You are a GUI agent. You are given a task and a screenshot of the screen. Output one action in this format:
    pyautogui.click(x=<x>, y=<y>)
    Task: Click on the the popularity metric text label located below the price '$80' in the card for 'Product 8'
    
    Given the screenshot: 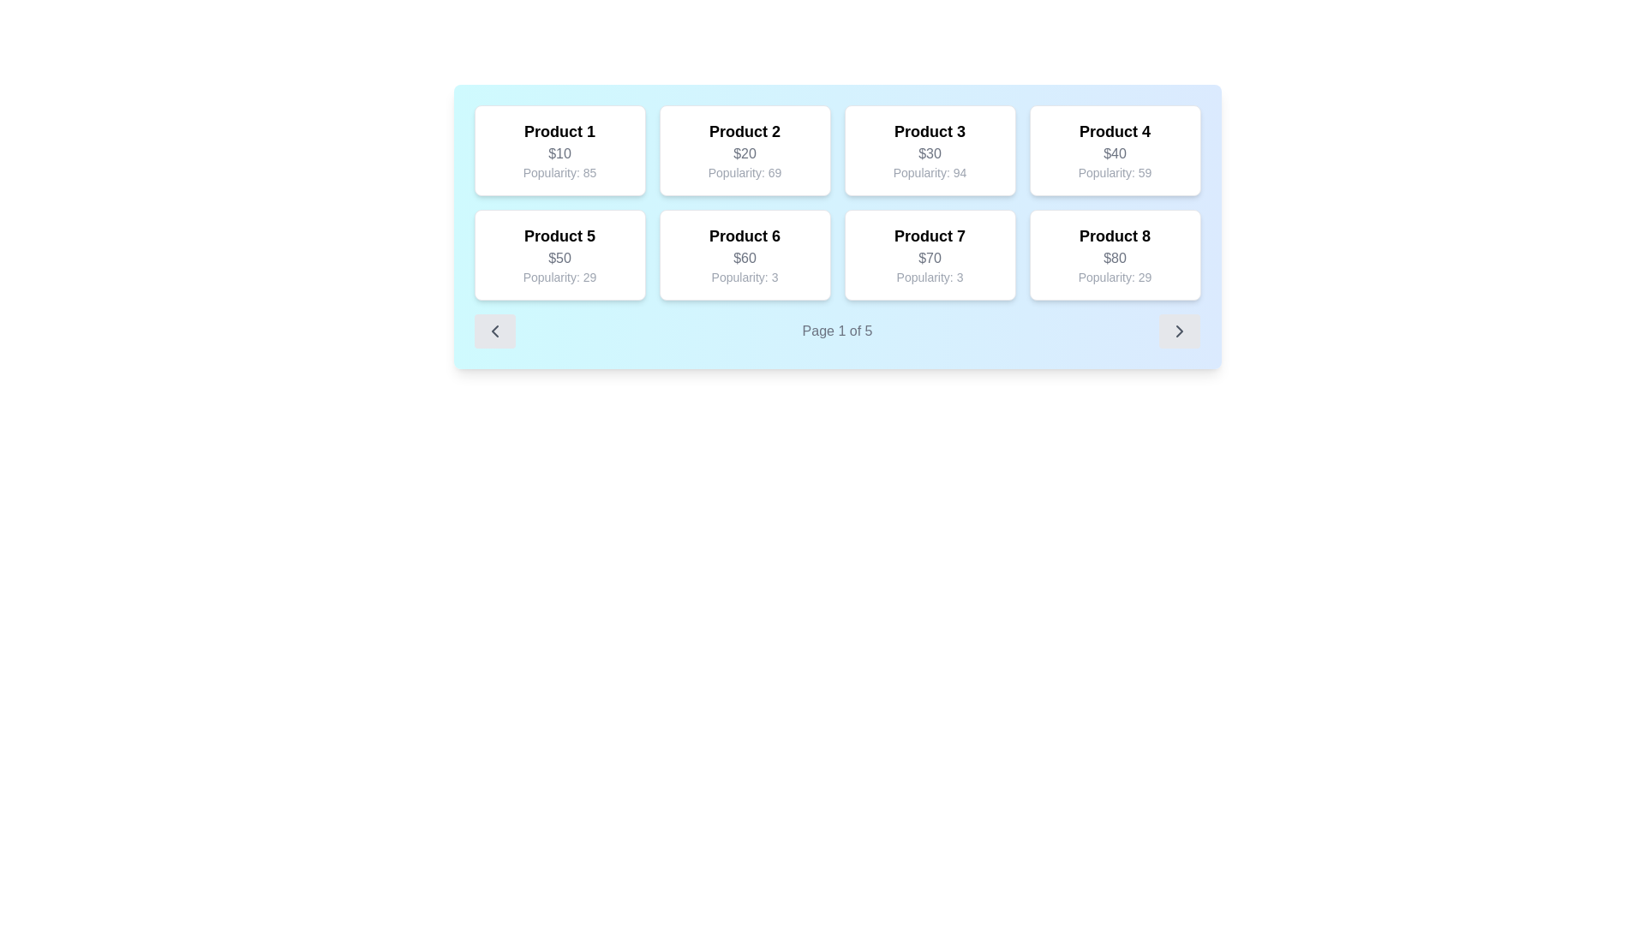 What is the action you would take?
    pyautogui.click(x=1115, y=277)
    